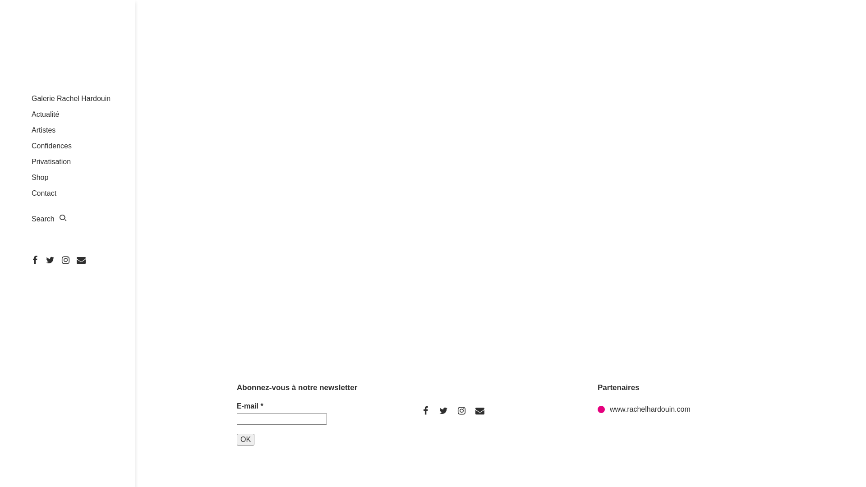 Image resolution: width=866 pixels, height=487 pixels. What do you see at coordinates (43, 193) in the screenshot?
I see `'Contact'` at bounding box center [43, 193].